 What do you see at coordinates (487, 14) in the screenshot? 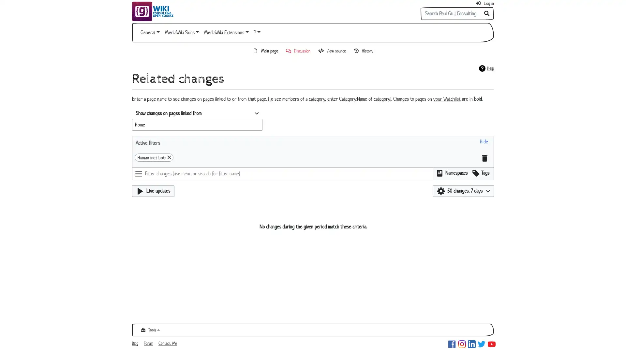
I see `Go to page` at bounding box center [487, 14].